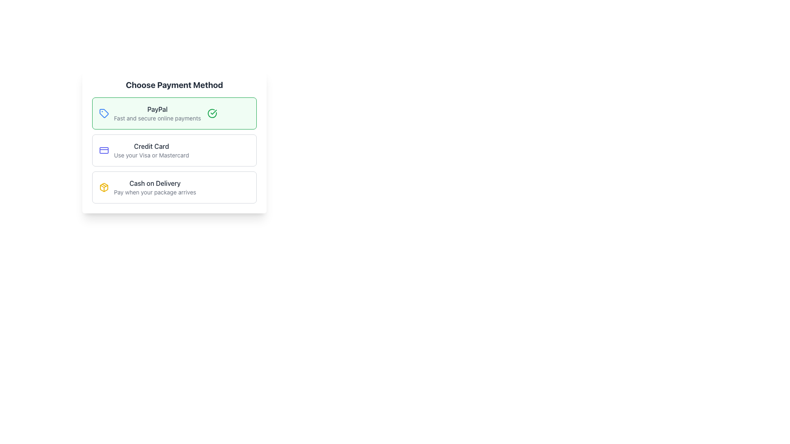  Describe the element at coordinates (104, 113) in the screenshot. I see `the PayPal payment method icon located at the top-left corner of the 'PayPal' option, adjacent to the 'PayPal' label text` at that location.